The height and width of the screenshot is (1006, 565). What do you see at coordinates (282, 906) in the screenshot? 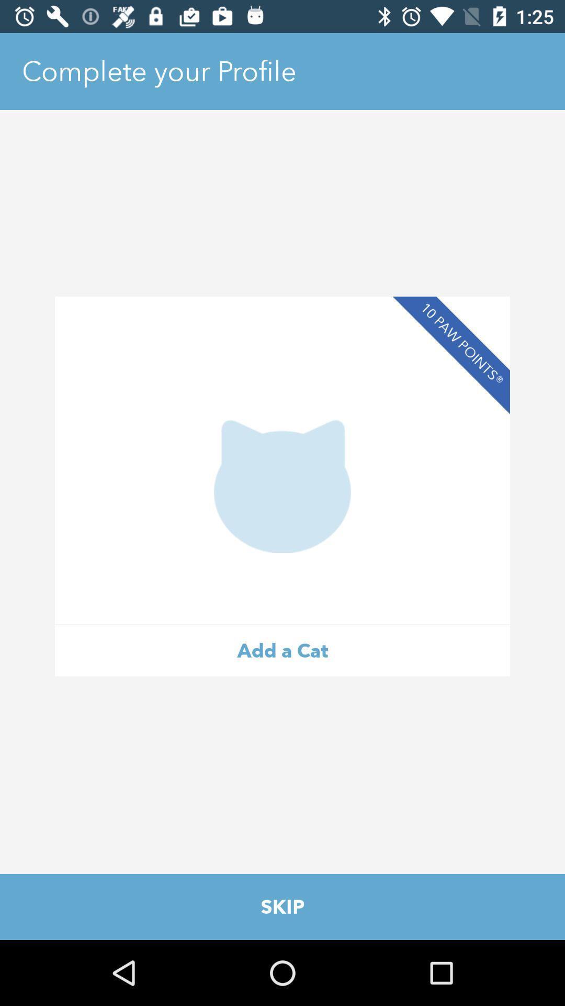
I see `skip item` at bounding box center [282, 906].